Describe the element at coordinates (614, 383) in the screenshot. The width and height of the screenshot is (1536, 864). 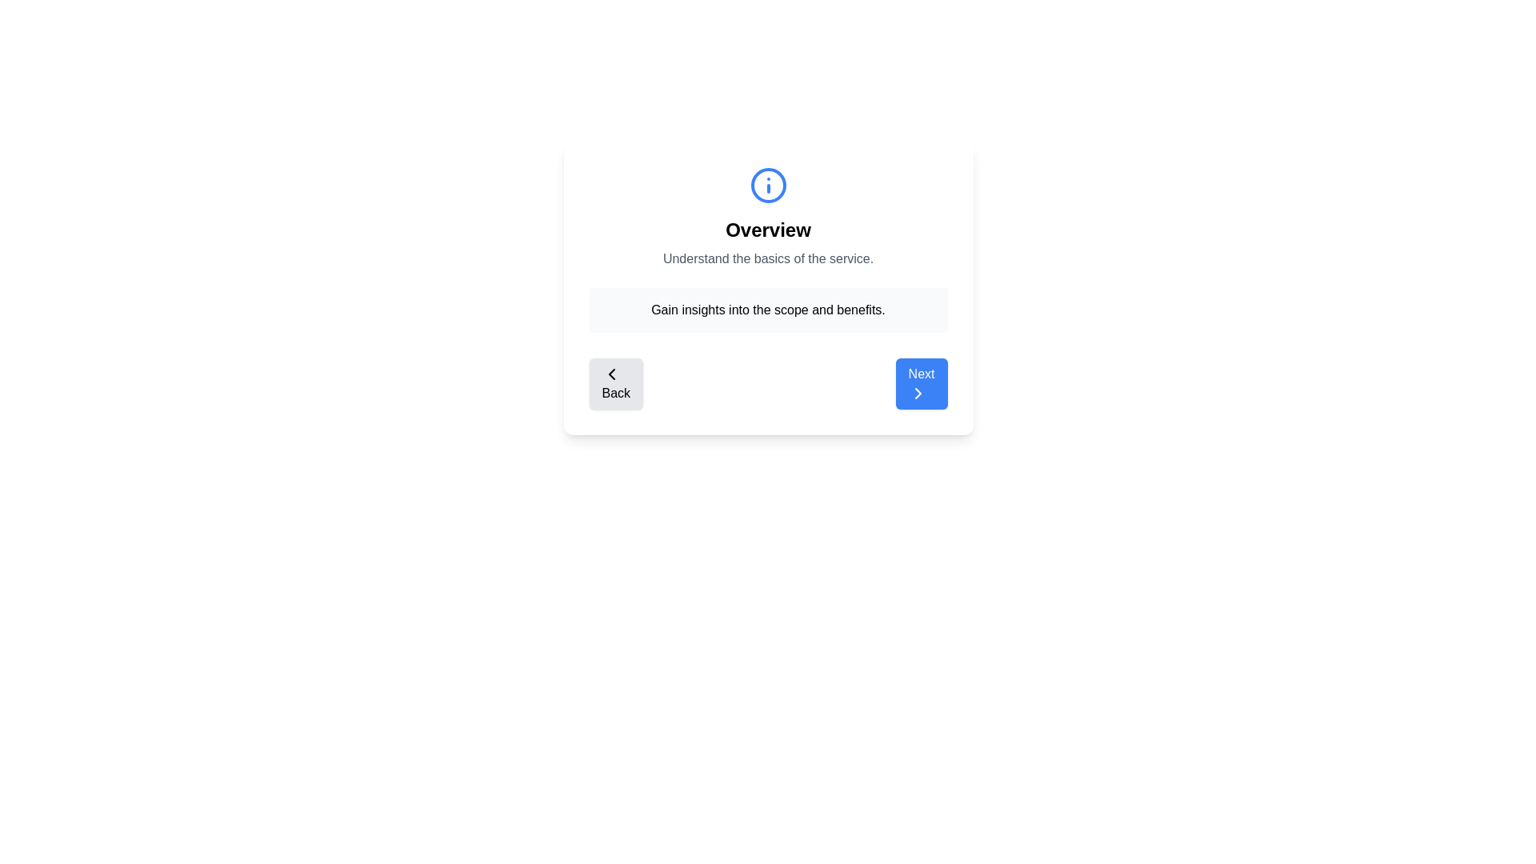
I see `the 'Back' button to navigate to the previous step` at that location.